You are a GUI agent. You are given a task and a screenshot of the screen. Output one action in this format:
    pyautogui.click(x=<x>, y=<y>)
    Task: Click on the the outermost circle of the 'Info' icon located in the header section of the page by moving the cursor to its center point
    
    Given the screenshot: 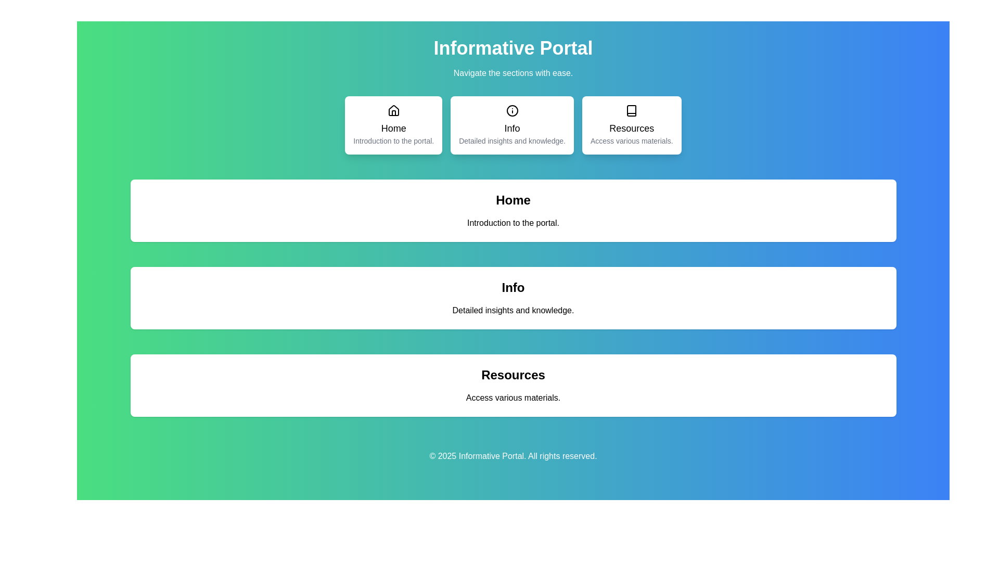 What is the action you would take?
    pyautogui.click(x=512, y=110)
    